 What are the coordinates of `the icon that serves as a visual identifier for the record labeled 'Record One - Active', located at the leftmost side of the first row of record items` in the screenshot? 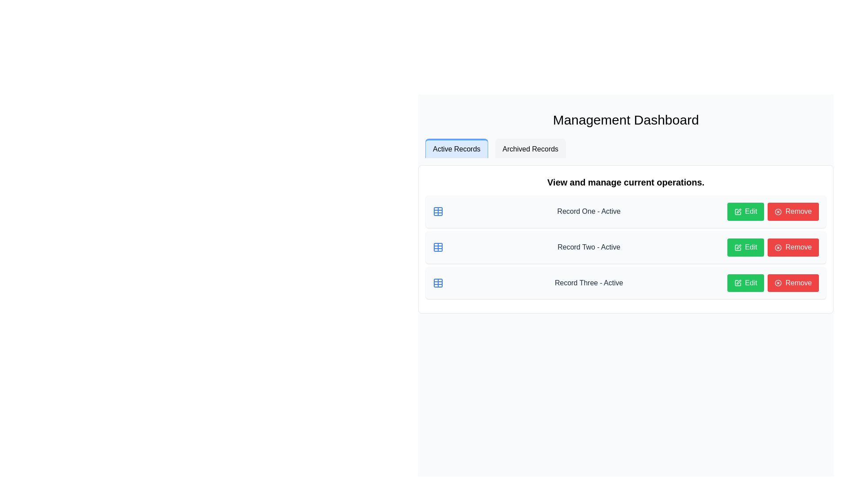 It's located at (438, 211).